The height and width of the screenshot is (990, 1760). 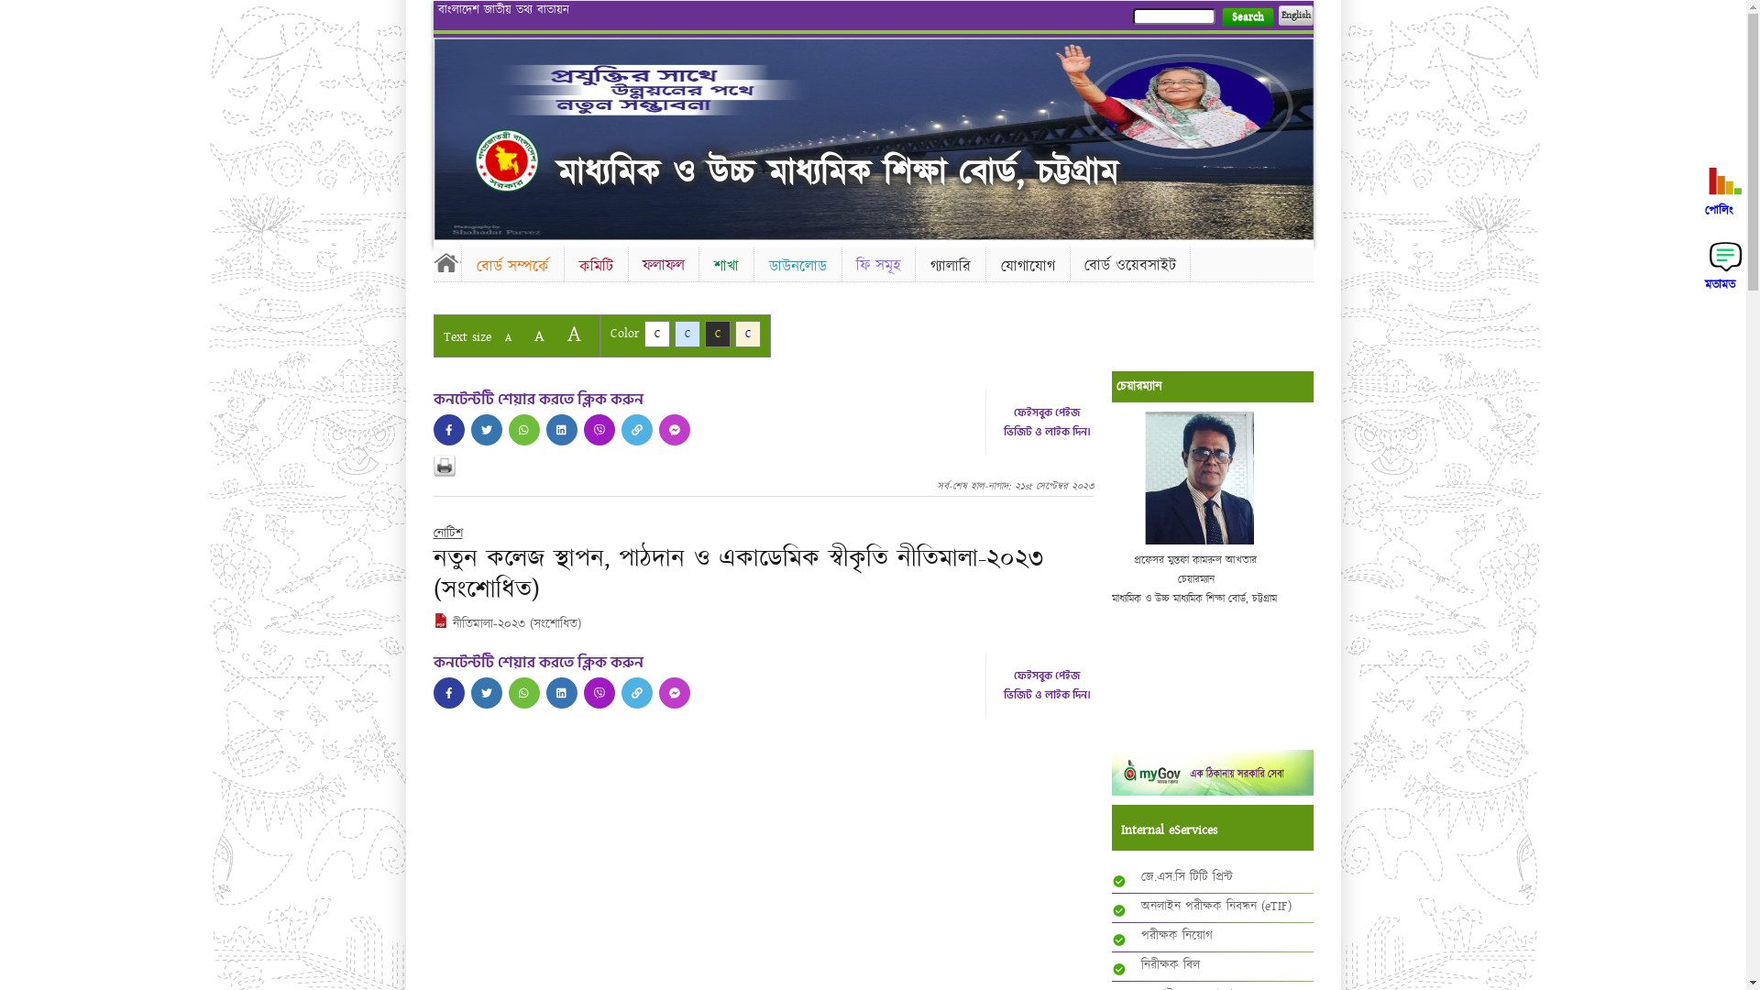 What do you see at coordinates (572, 334) in the screenshot?
I see `'A'` at bounding box center [572, 334].